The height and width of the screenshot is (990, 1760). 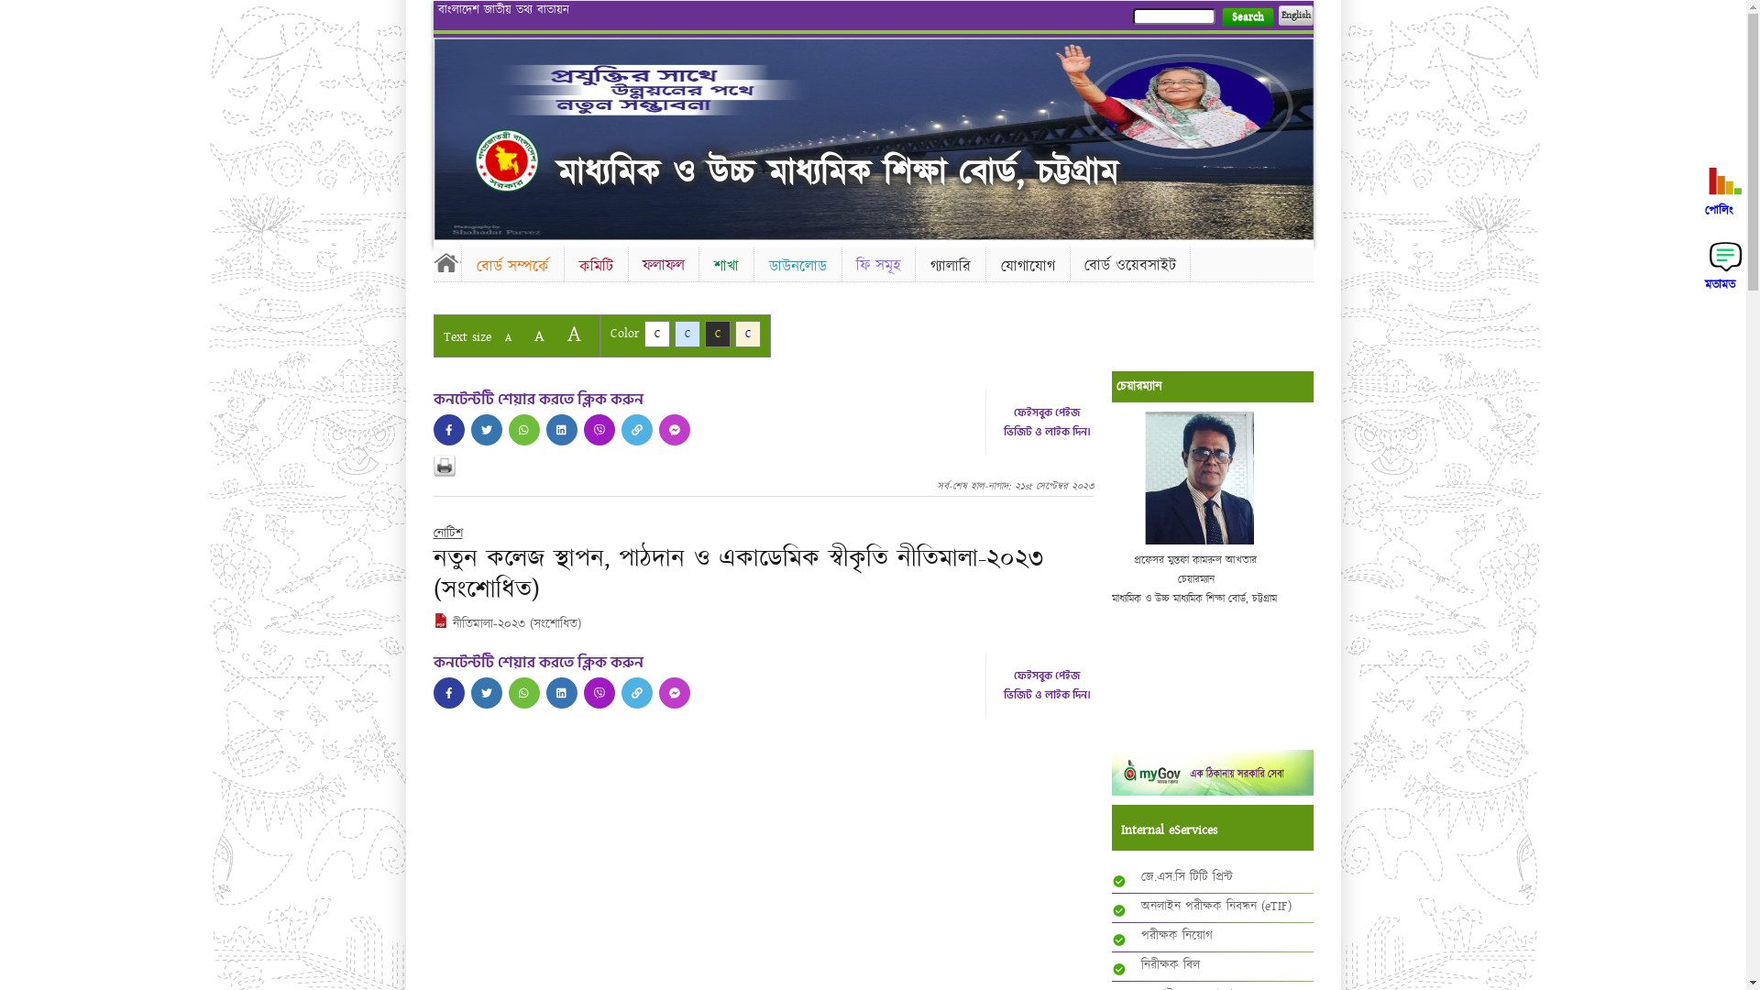 What do you see at coordinates (572, 334) in the screenshot?
I see `'A'` at bounding box center [572, 334].